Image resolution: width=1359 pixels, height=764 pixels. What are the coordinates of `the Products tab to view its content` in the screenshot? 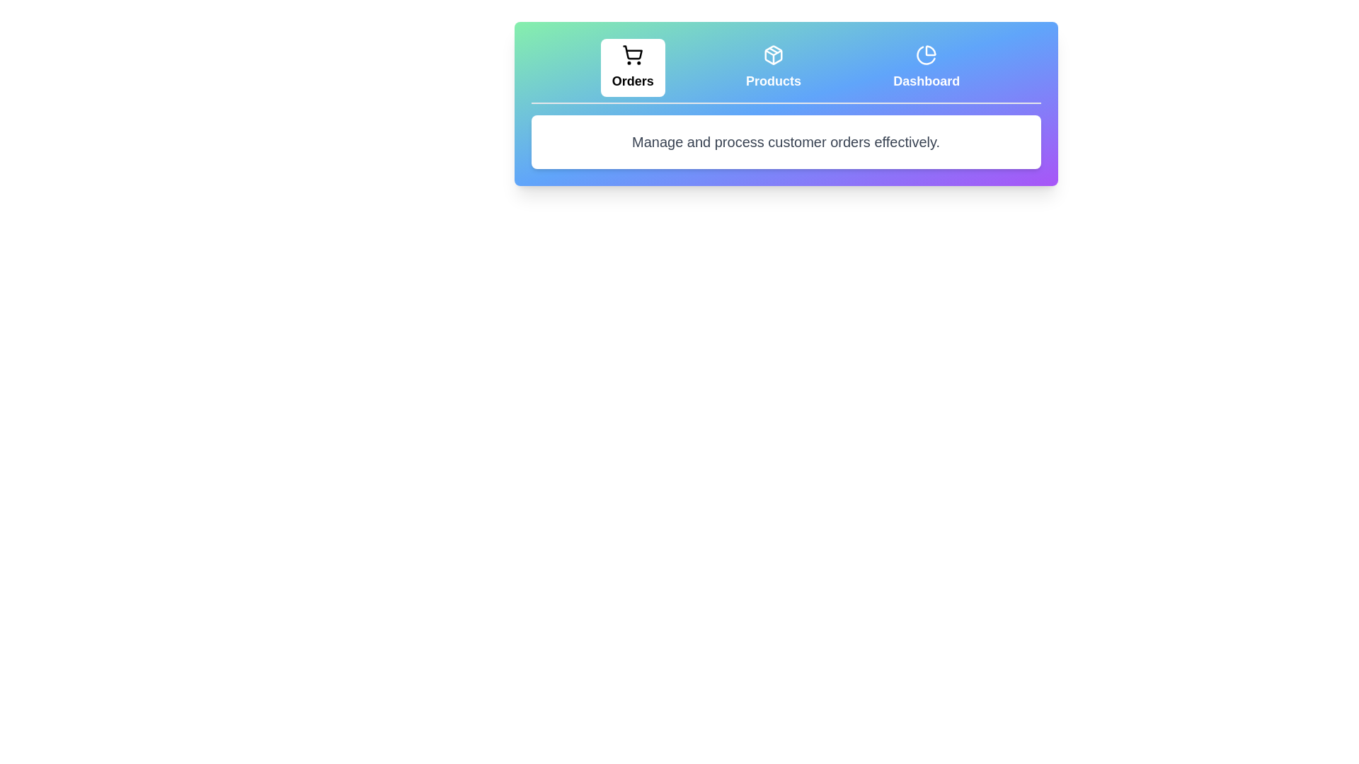 It's located at (773, 68).